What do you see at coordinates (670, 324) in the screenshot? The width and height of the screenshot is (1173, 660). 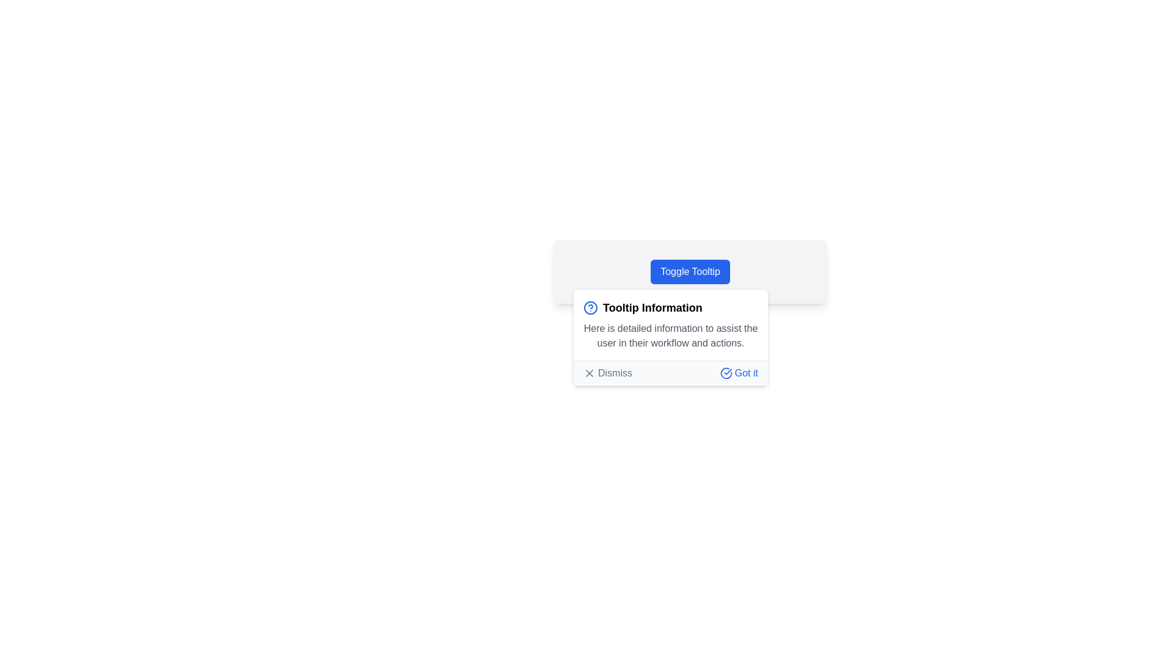 I see `inside the Tooltip Content to copy the text, which starts with 'Tooltip Information' and is located above the 'Dismiss' and 'Got it' buttons` at bounding box center [670, 324].